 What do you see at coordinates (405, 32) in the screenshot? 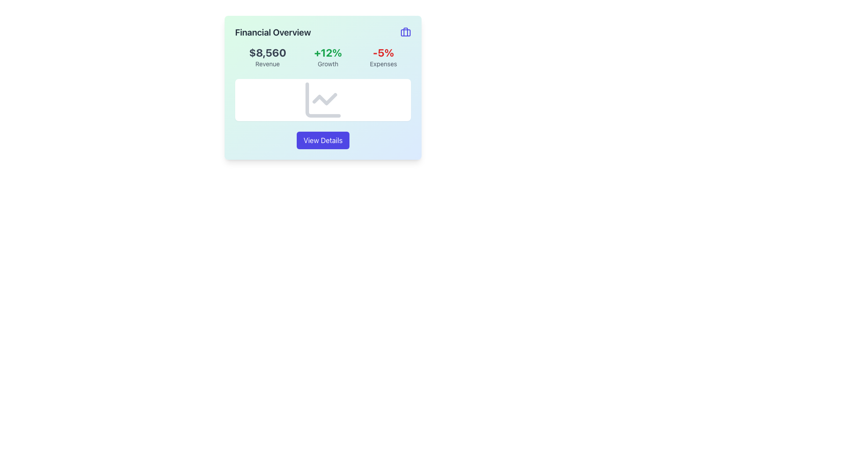
I see `the financial management icon located at the top-right of the 'Financial Overview' section` at bounding box center [405, 32].